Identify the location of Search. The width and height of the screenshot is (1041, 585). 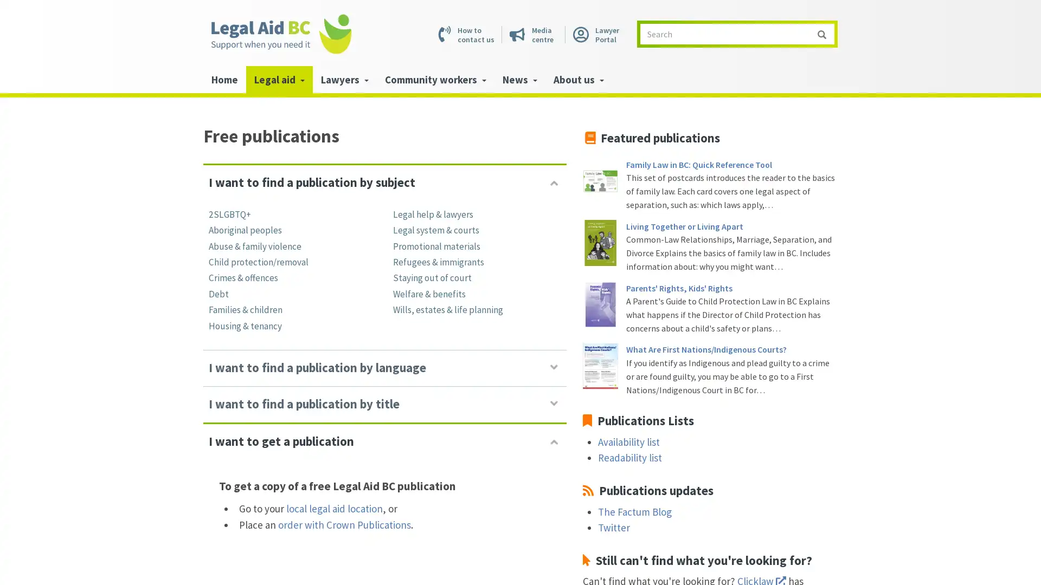
(821, 33).